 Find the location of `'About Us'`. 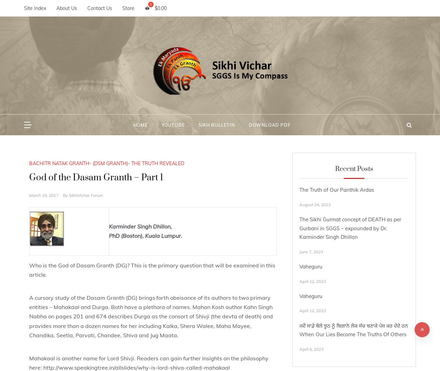

'About Us' is located at coordinates (56, 8).